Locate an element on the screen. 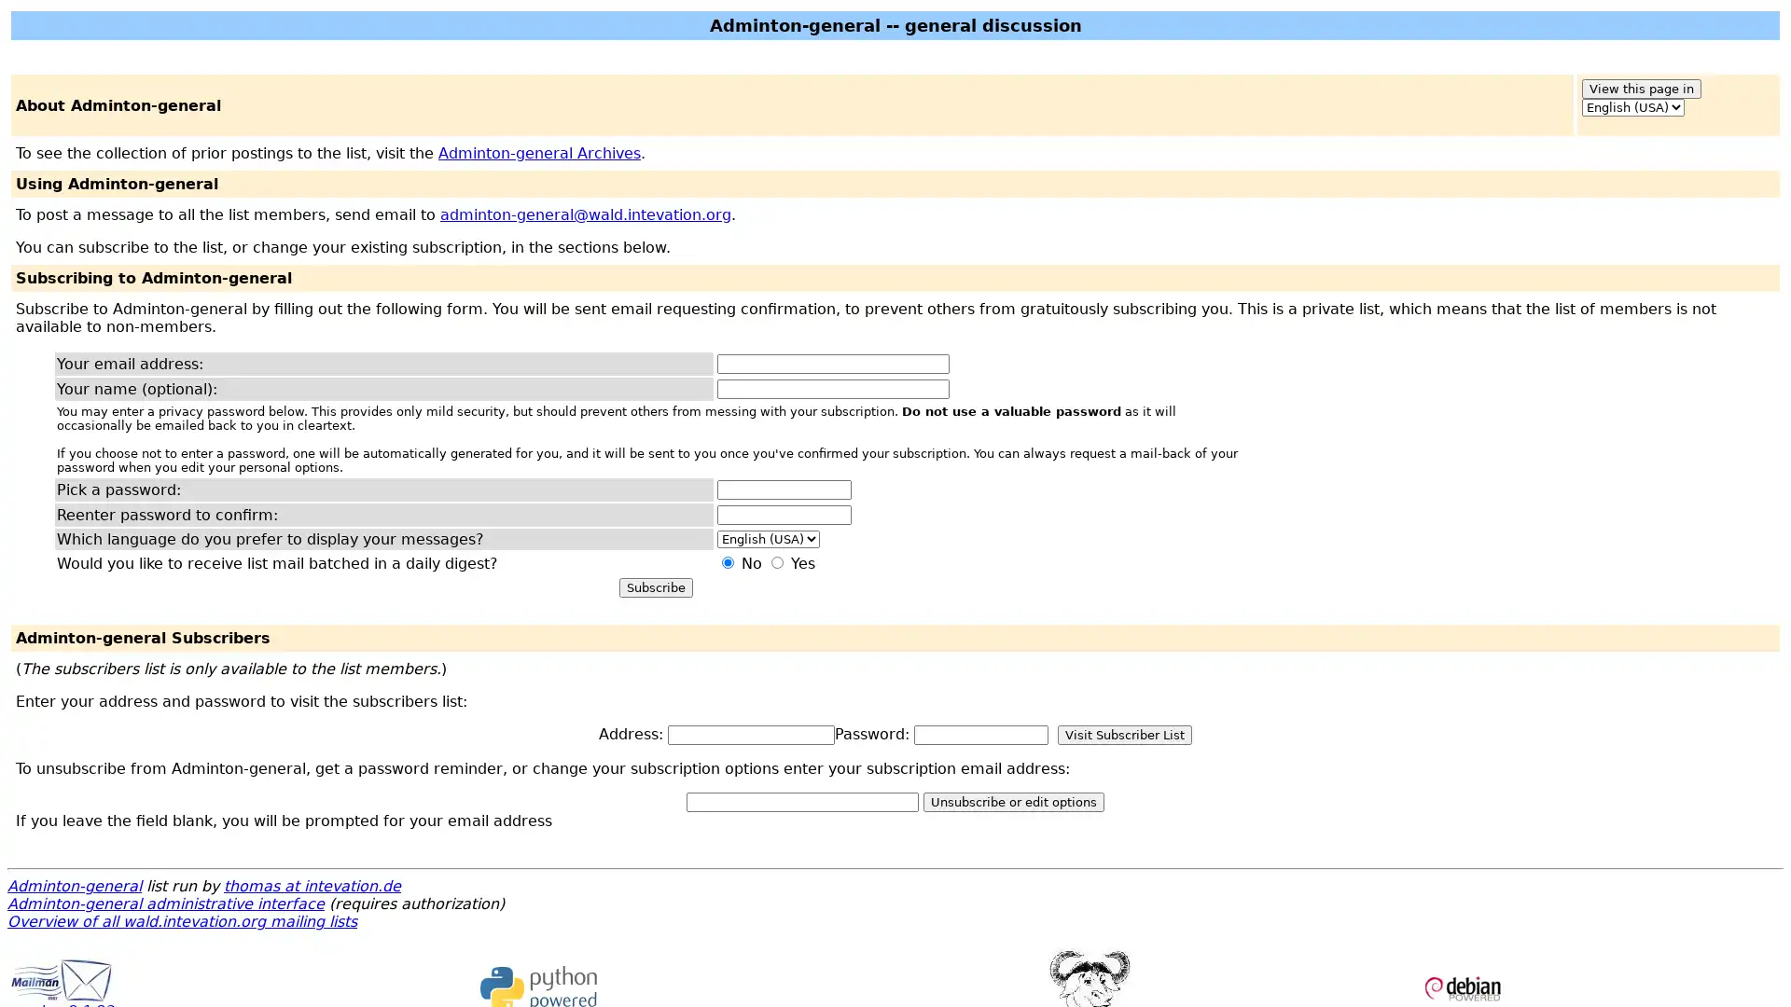 The width and height of the screenshot is (1791, 1007). Subscribe is located at coordinates (655, 587).